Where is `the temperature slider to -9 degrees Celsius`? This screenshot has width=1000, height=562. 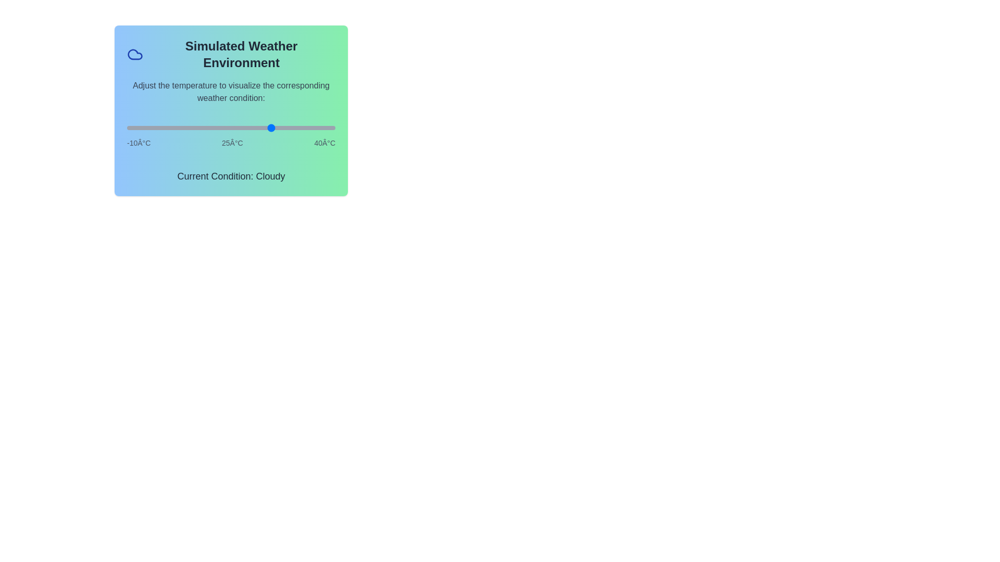 the temperature slider to -9 degrees Celsius is located at coordinates (131, 127).